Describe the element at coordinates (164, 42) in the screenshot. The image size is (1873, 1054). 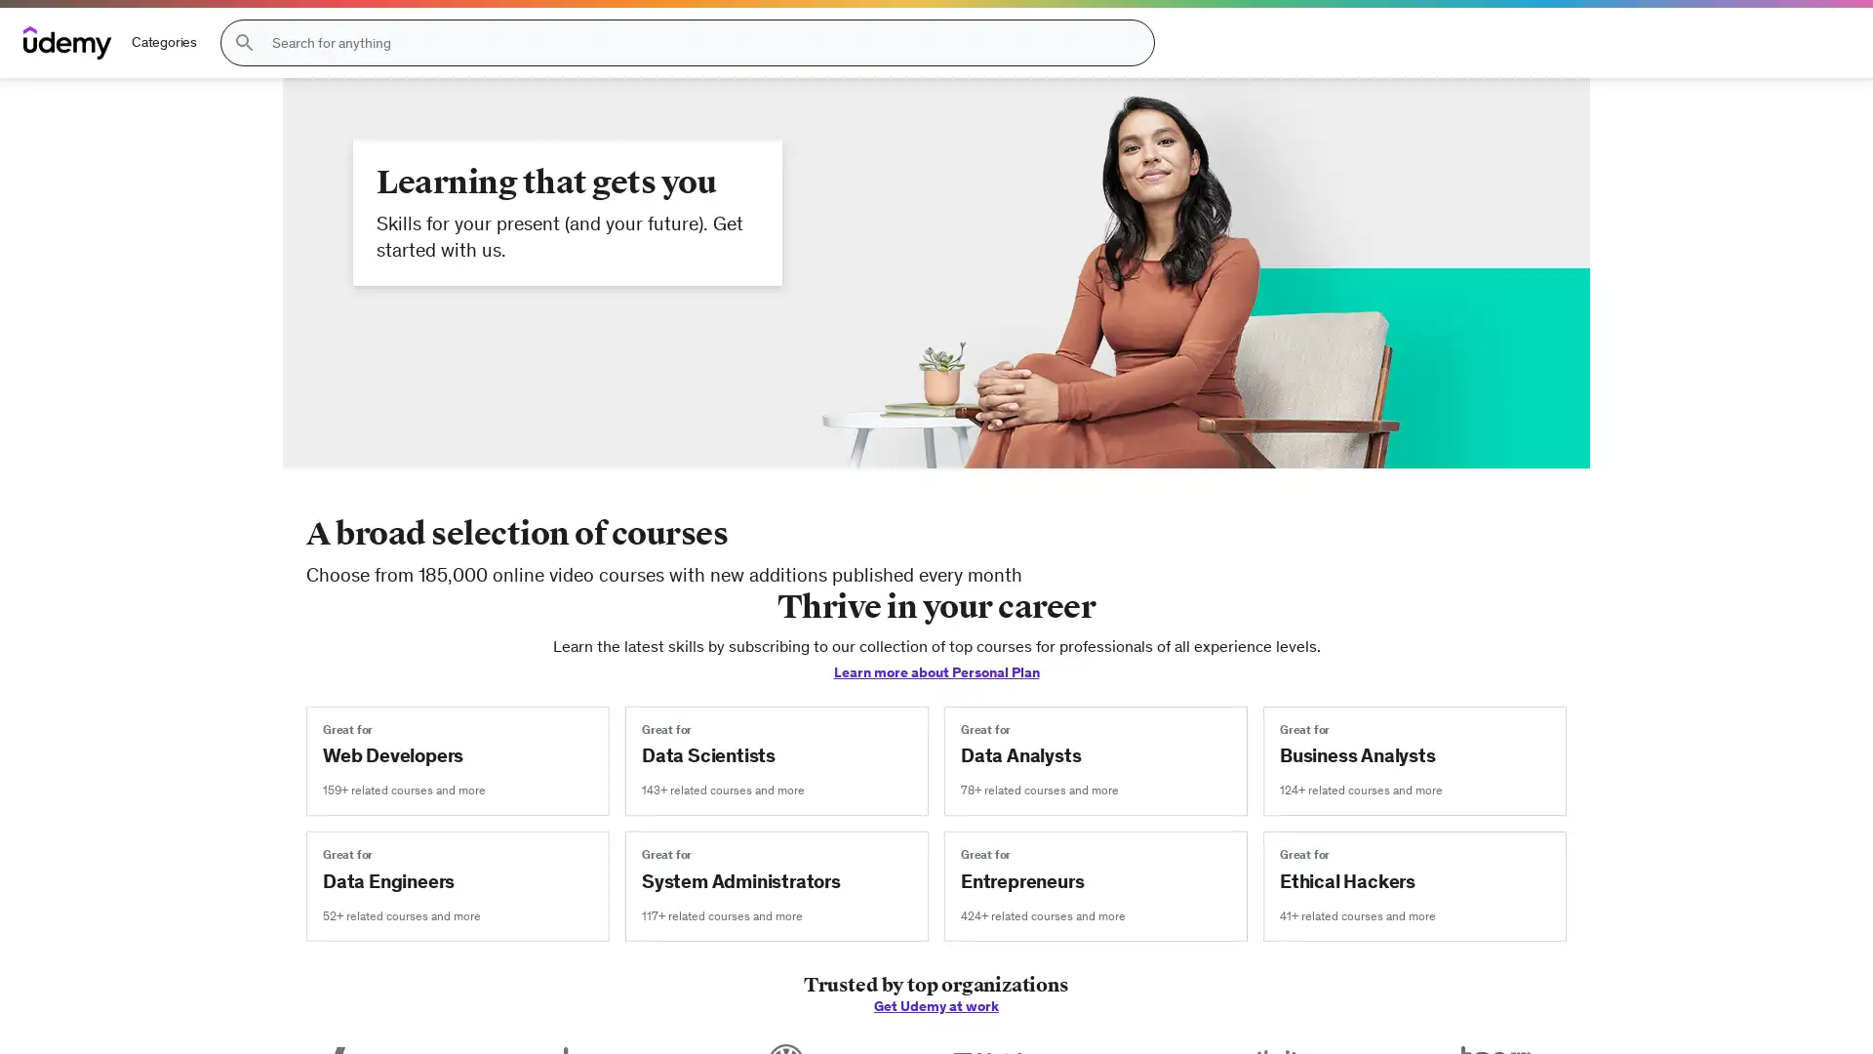
I see `Categories` at that location.